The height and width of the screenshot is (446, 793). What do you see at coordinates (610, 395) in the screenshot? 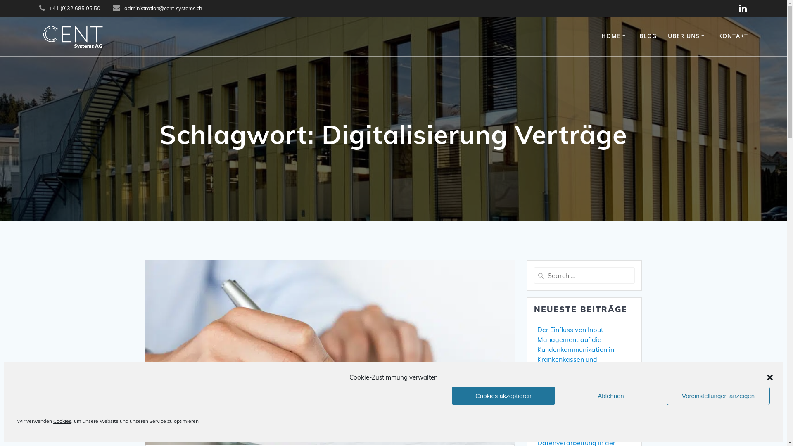
I see `'Ablehnen'` at bounding box center [610, 395].